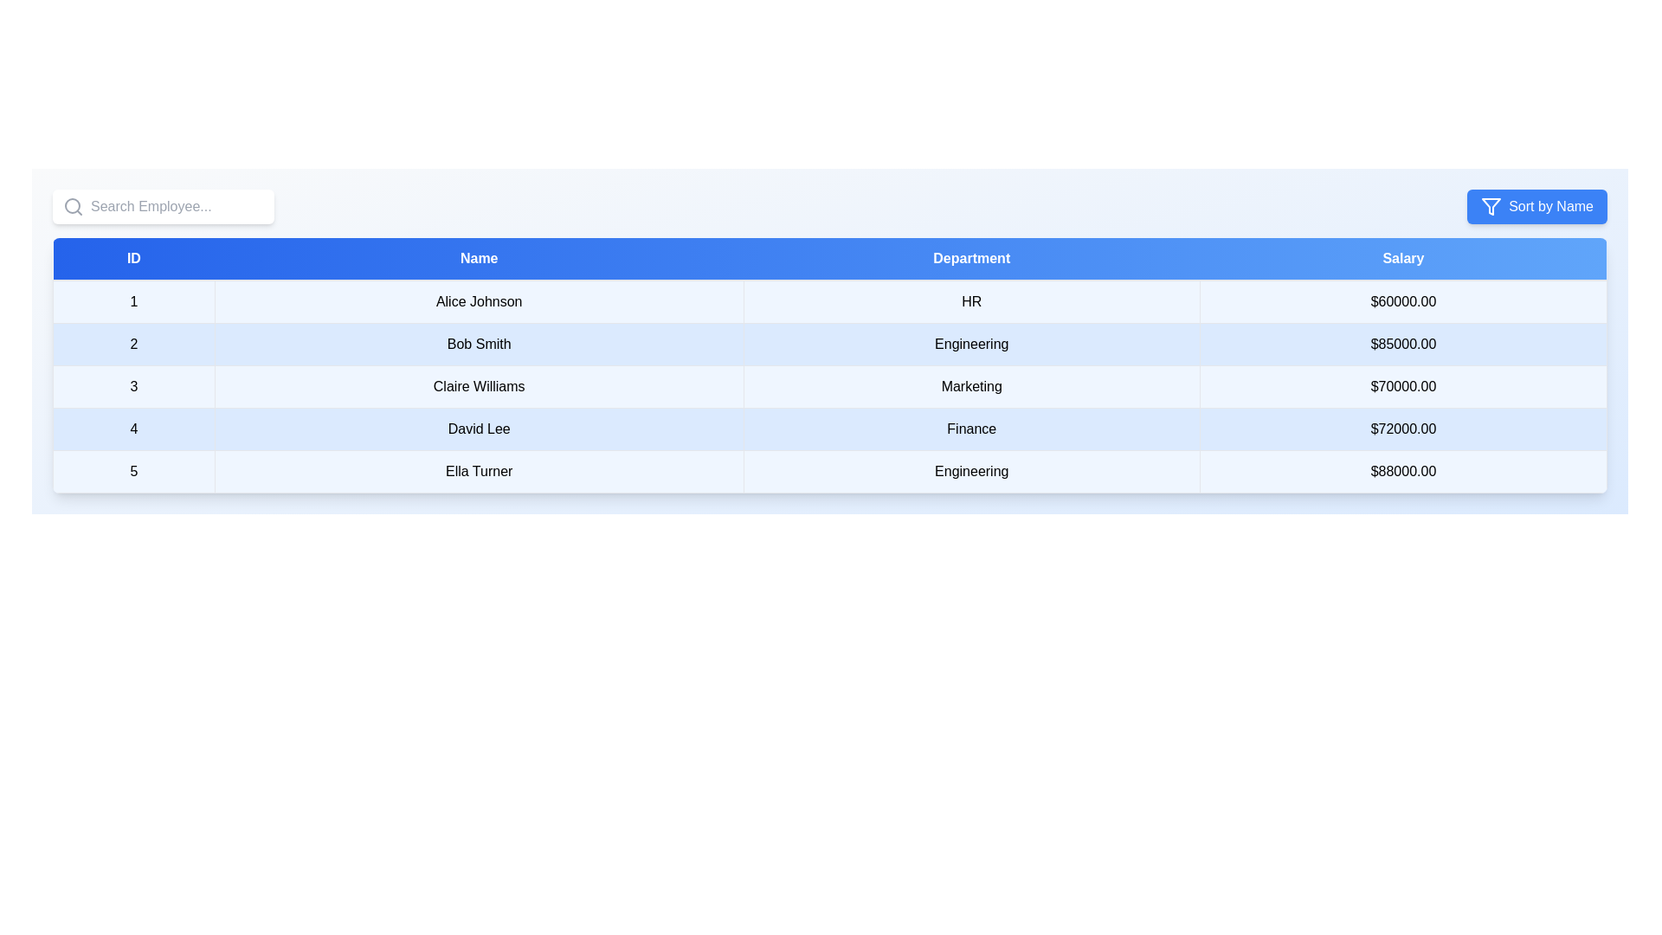 Image resolution: width=1662 pixels, height=935 pixels. Describe the element at coordinates (1403, 429) in the screenshot. I see `the static text cell displaying the salary '$72000.00' for 'David Lee' in the fourth column of the table` at that location.